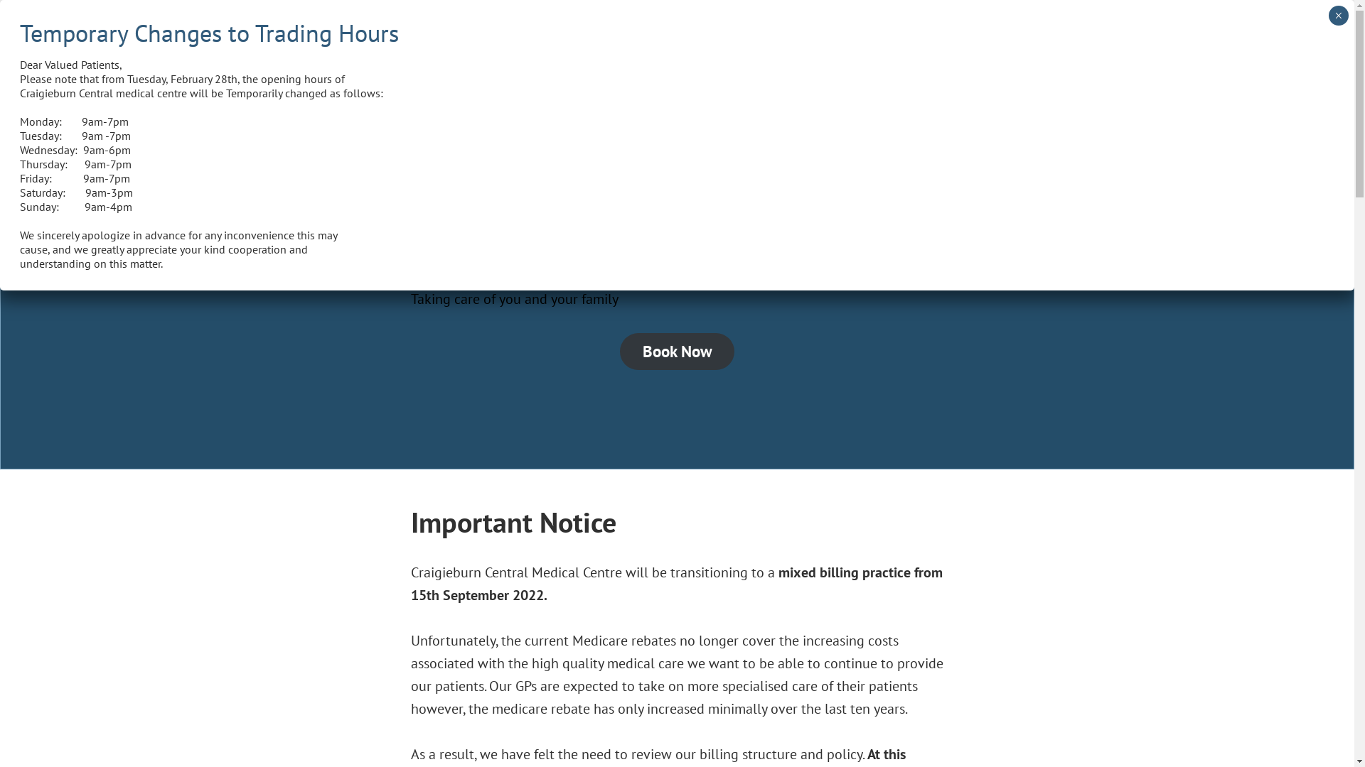 The width and height of the screenshot is (1365, 767). I want to click on 'Home', so click(720, 43).